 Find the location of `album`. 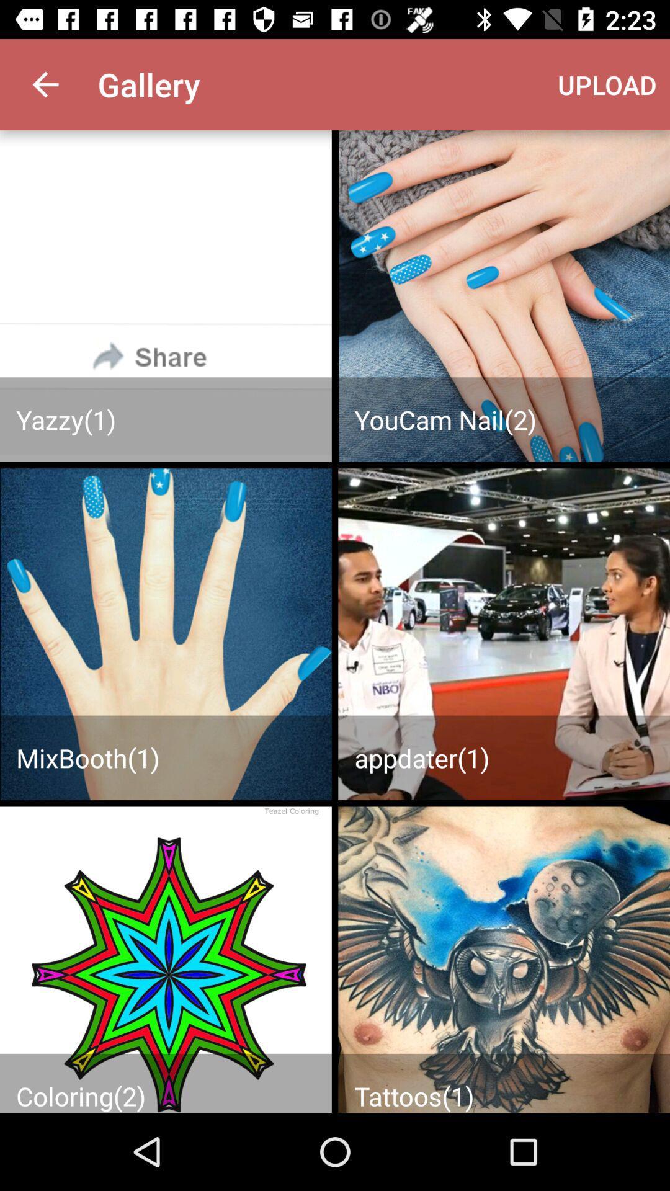

album is located at coordinates (504, 959).